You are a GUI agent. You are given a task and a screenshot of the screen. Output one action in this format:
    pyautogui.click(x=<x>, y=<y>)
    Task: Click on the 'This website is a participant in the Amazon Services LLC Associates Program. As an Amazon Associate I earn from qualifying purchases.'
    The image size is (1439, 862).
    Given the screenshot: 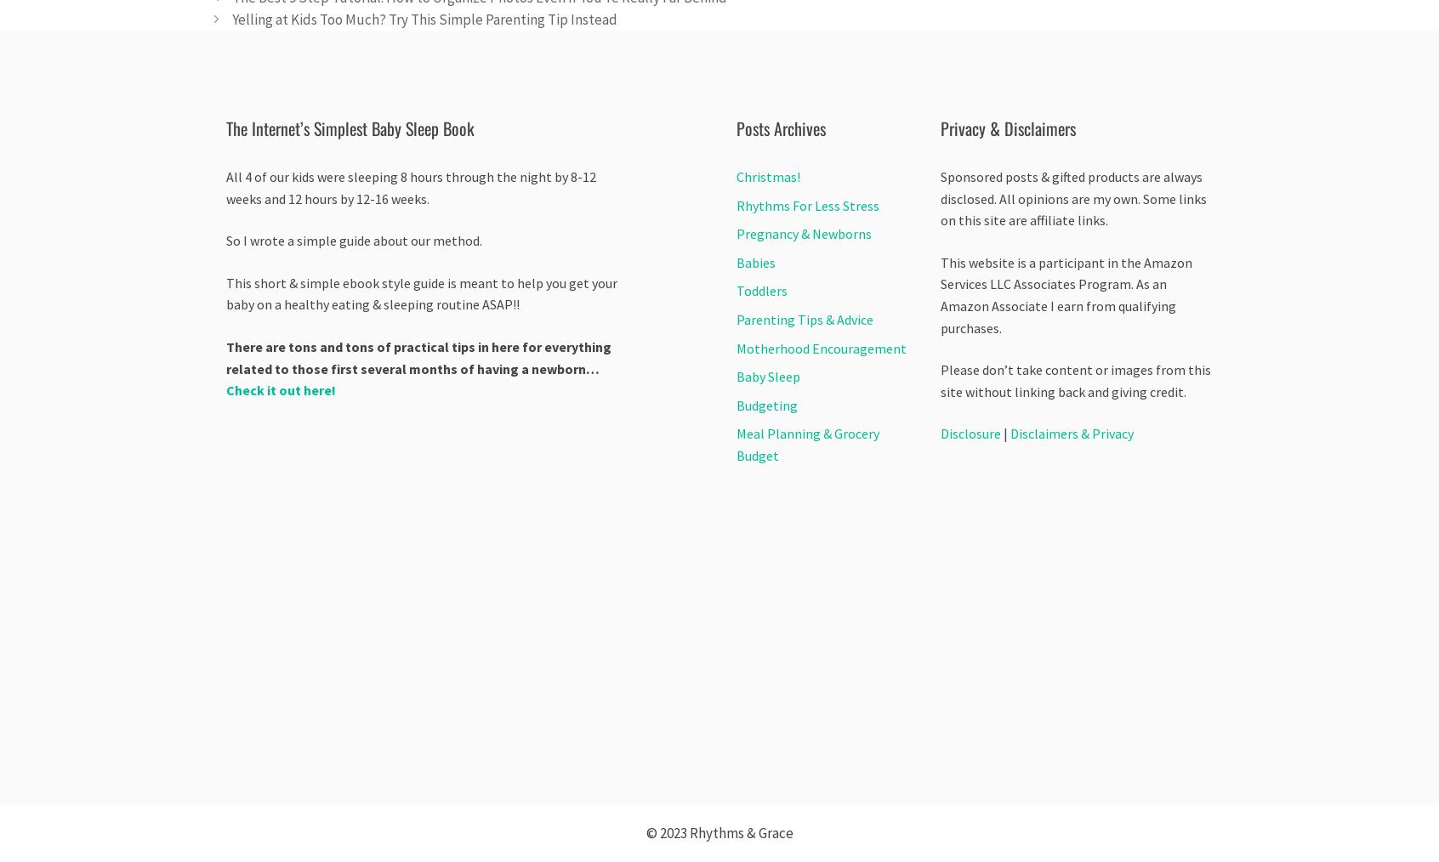 What is the action you would take?
    pyautogui.click(x=1066, y=293)
    